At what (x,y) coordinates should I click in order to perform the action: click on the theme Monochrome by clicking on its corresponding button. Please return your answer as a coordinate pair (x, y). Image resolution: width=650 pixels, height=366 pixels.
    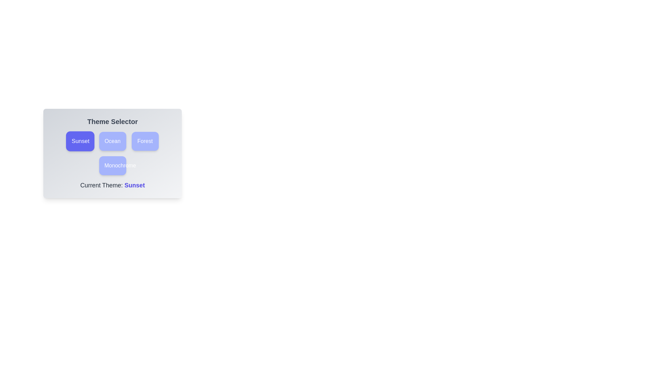
    Looking at the image, I should click on (112, 166).